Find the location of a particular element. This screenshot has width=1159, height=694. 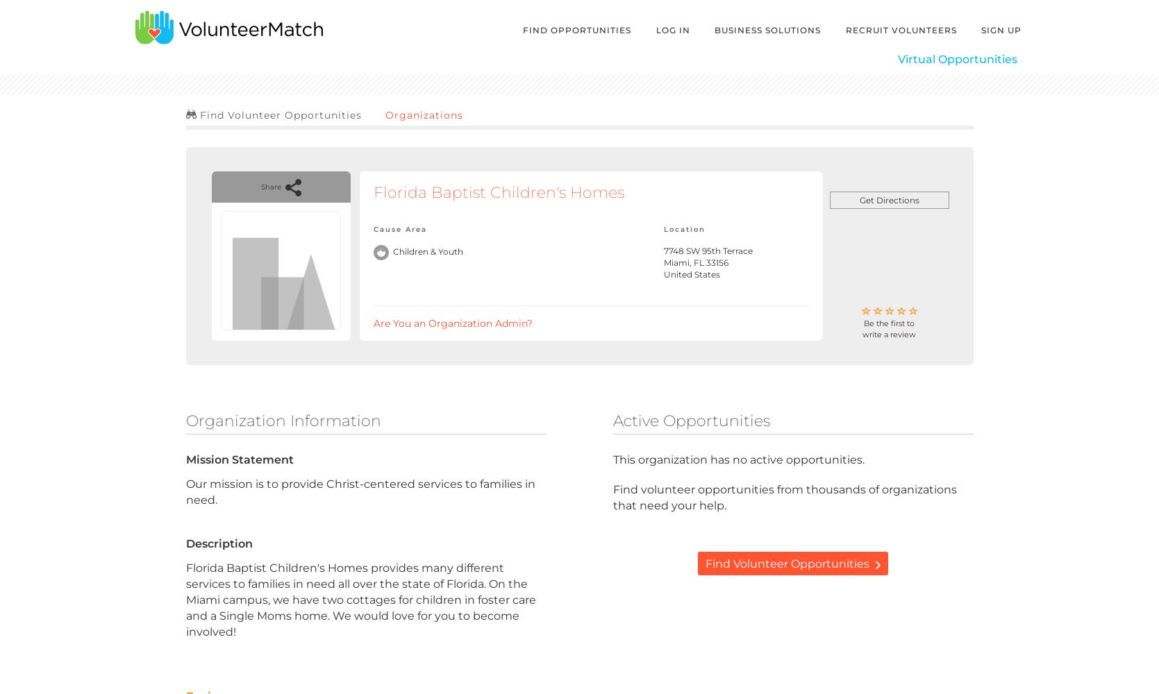

'Miami,' is located at coordinates (678, 262).